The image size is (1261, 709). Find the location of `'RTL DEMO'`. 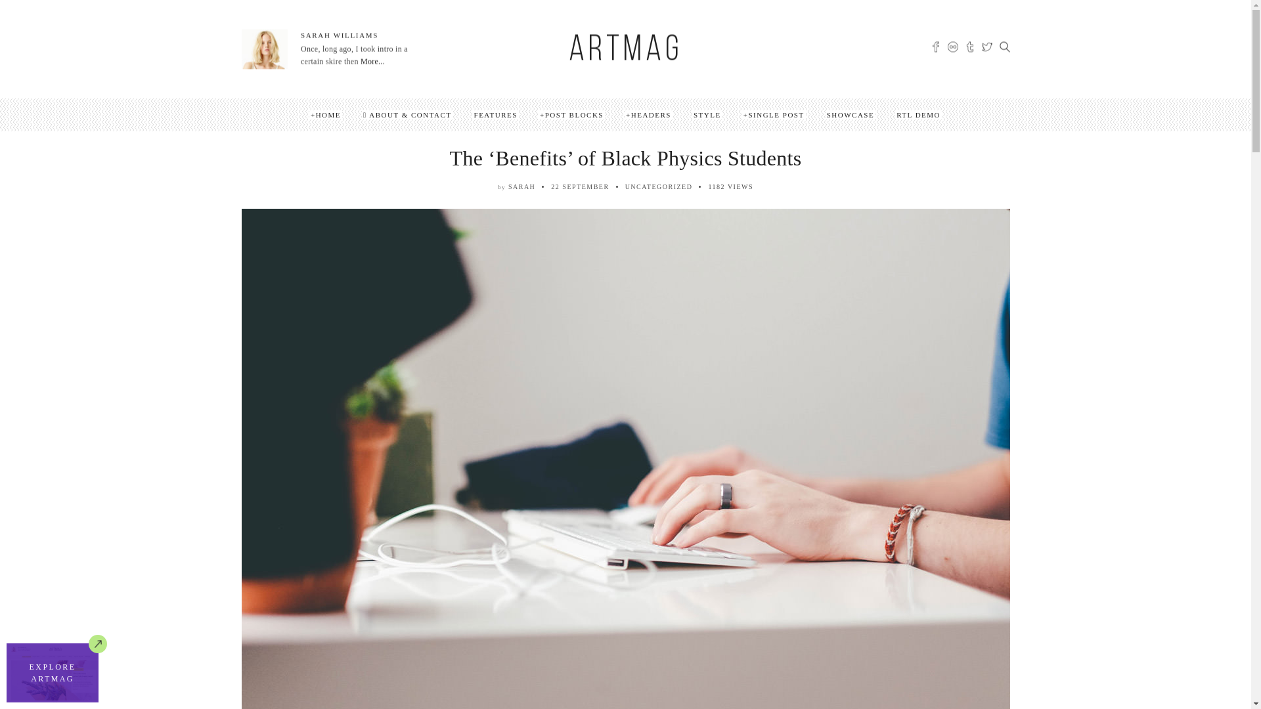

'RTL DEMO' is located at coordinates (918, 114).